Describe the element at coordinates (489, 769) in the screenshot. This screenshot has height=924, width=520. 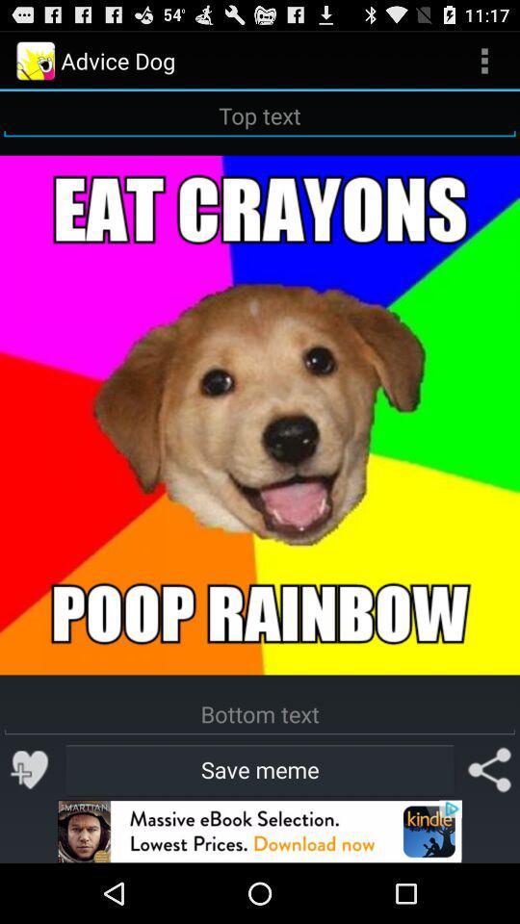
I see `share meme` at that location.